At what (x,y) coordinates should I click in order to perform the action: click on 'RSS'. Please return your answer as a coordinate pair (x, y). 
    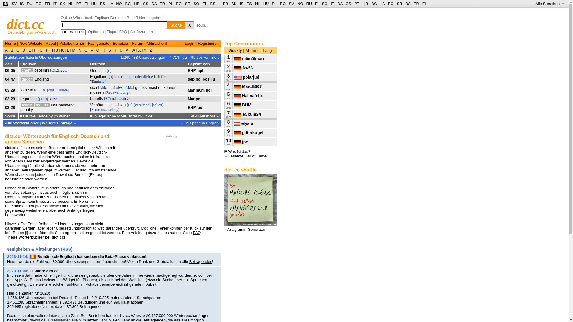
    Looking at the image, I should click on (67, 249).